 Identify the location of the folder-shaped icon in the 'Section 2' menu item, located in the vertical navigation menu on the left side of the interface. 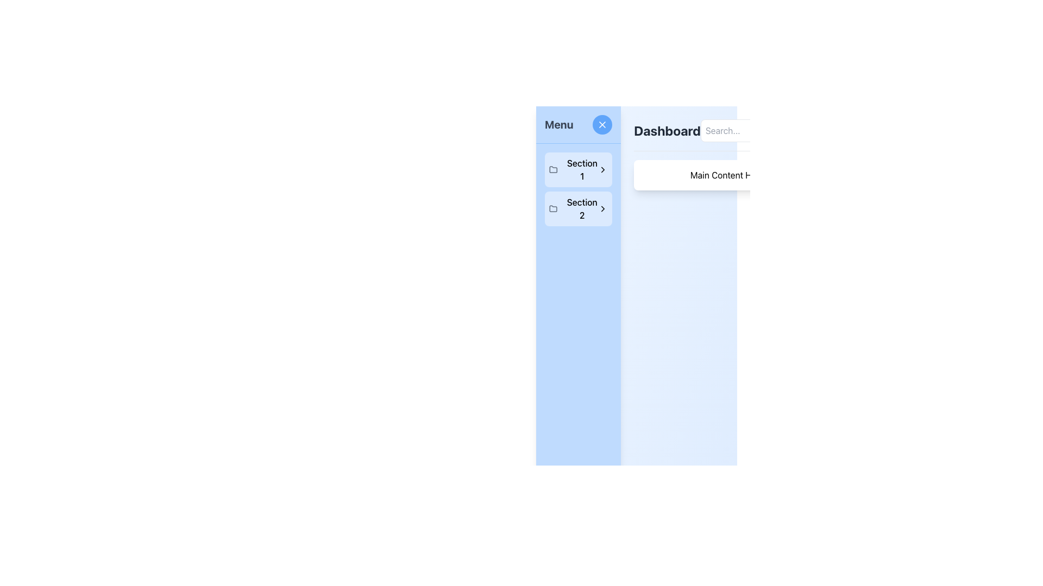
(553, 209).